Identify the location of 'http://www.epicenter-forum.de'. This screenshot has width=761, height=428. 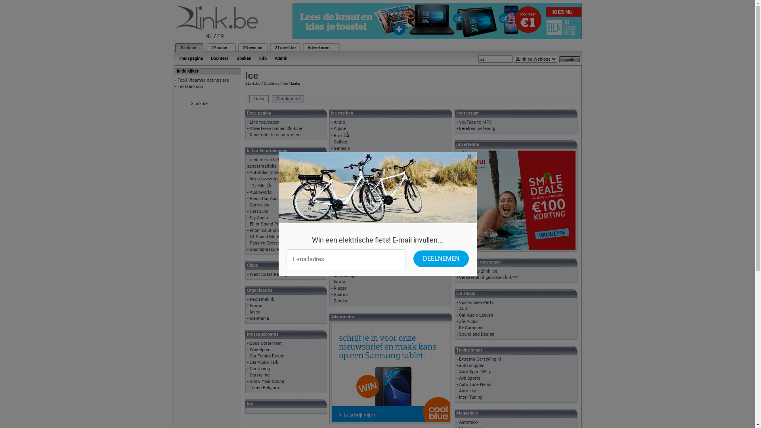
(280, 179).